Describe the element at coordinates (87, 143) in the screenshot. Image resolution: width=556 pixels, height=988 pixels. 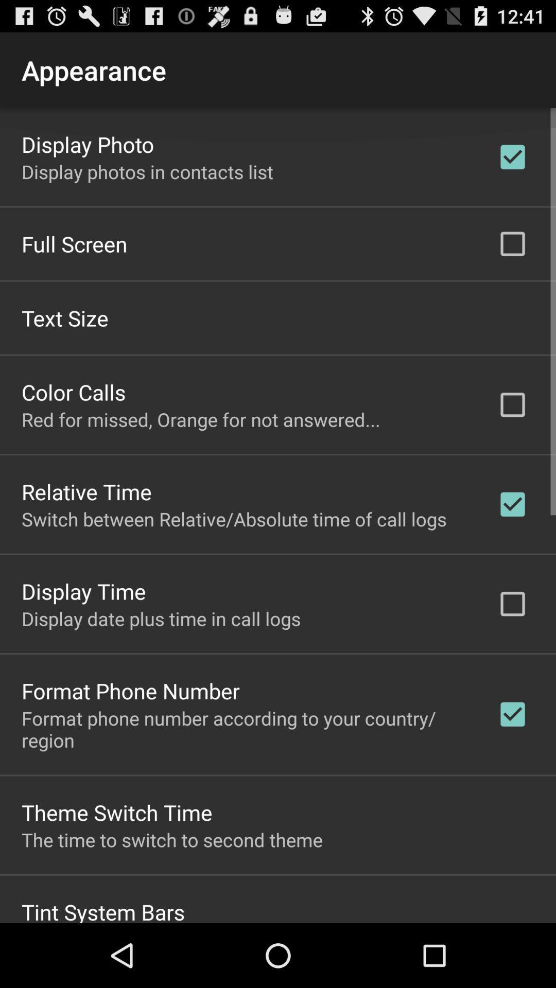
I see `the display photo icon` at that location.